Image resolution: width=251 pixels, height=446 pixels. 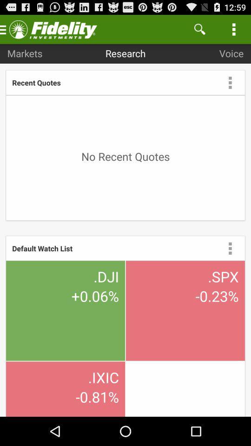 I want to click on the markets, so click(x=25, y=53).